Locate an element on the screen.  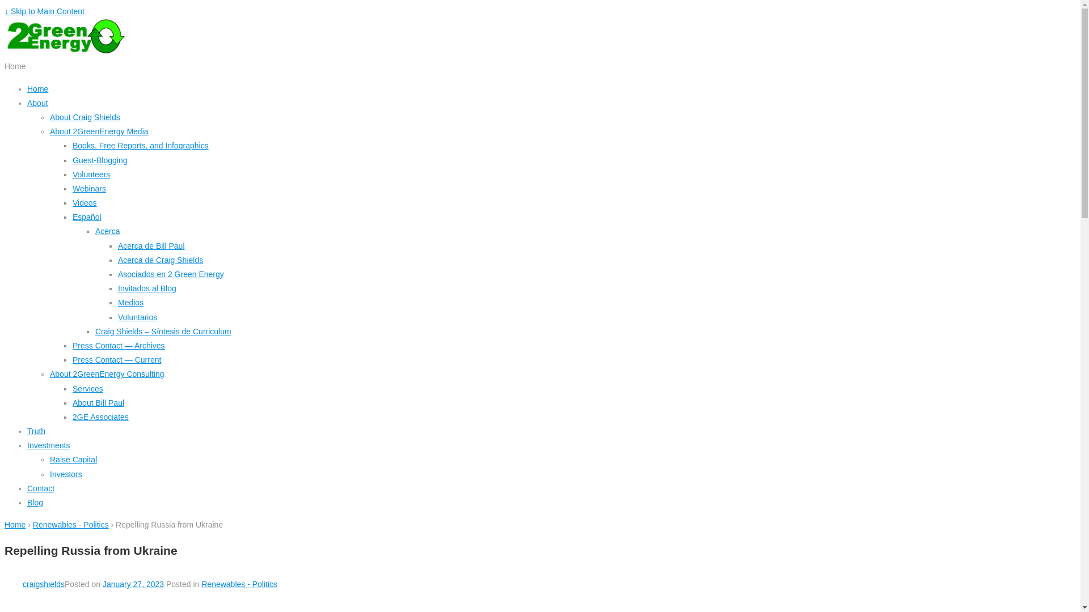
'Webinars' is located at coordinates (88, 188).